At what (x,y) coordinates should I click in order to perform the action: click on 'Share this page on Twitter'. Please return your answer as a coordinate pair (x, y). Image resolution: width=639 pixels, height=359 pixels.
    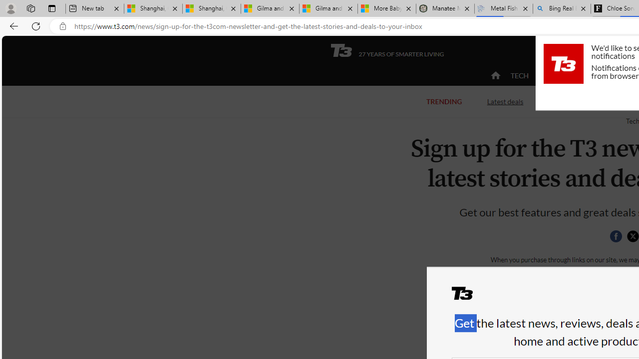
    Looking at the image, I should click on (632, 236).